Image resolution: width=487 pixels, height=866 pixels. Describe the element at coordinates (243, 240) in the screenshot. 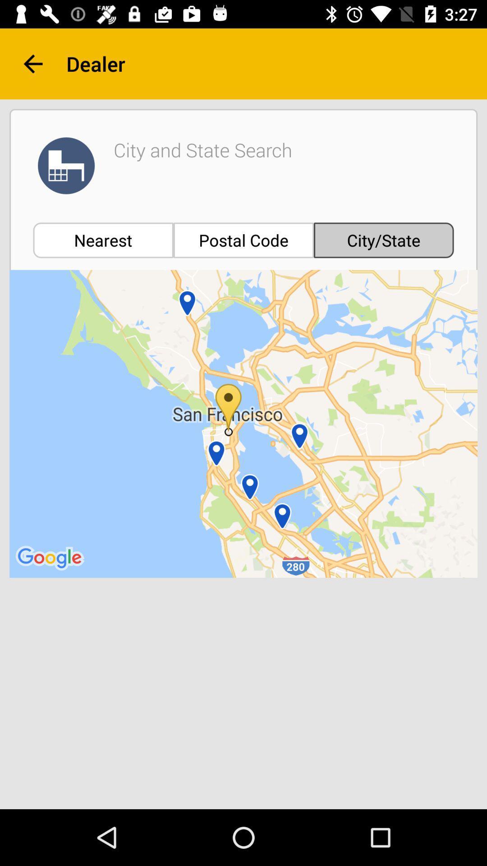

I see `item next to city/state` at that location.